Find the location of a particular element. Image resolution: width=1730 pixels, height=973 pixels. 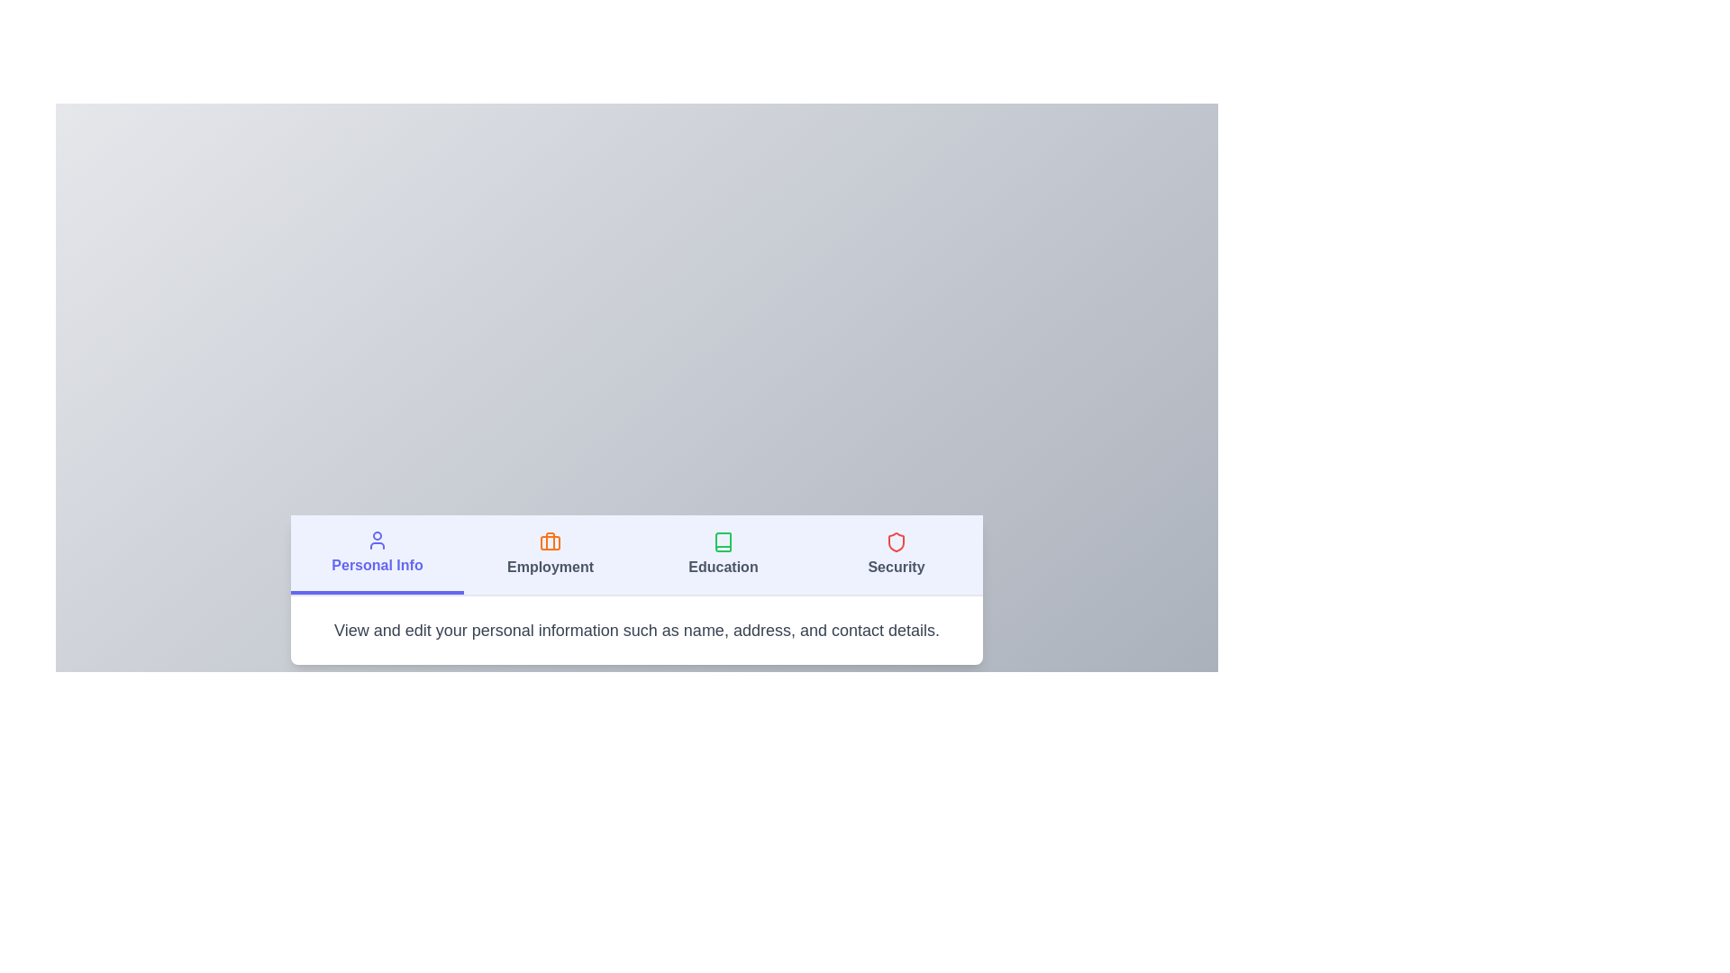

the Employment tab to view its content is located at coordinates (549, 554).